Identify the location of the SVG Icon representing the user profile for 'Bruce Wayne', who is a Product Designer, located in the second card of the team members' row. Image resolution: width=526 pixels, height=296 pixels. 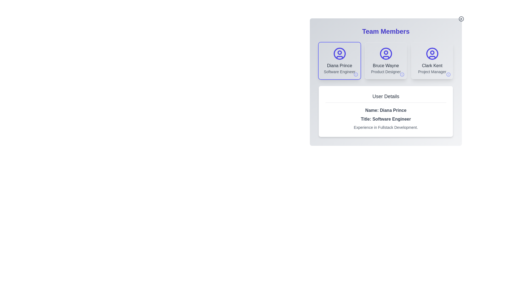
(385, 54).